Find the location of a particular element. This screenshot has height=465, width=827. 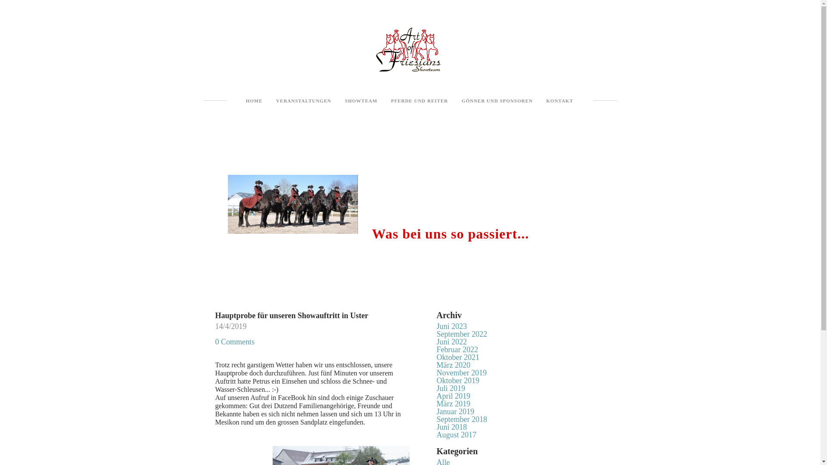

'Februar 2022' is located at coordinates (457, 350).